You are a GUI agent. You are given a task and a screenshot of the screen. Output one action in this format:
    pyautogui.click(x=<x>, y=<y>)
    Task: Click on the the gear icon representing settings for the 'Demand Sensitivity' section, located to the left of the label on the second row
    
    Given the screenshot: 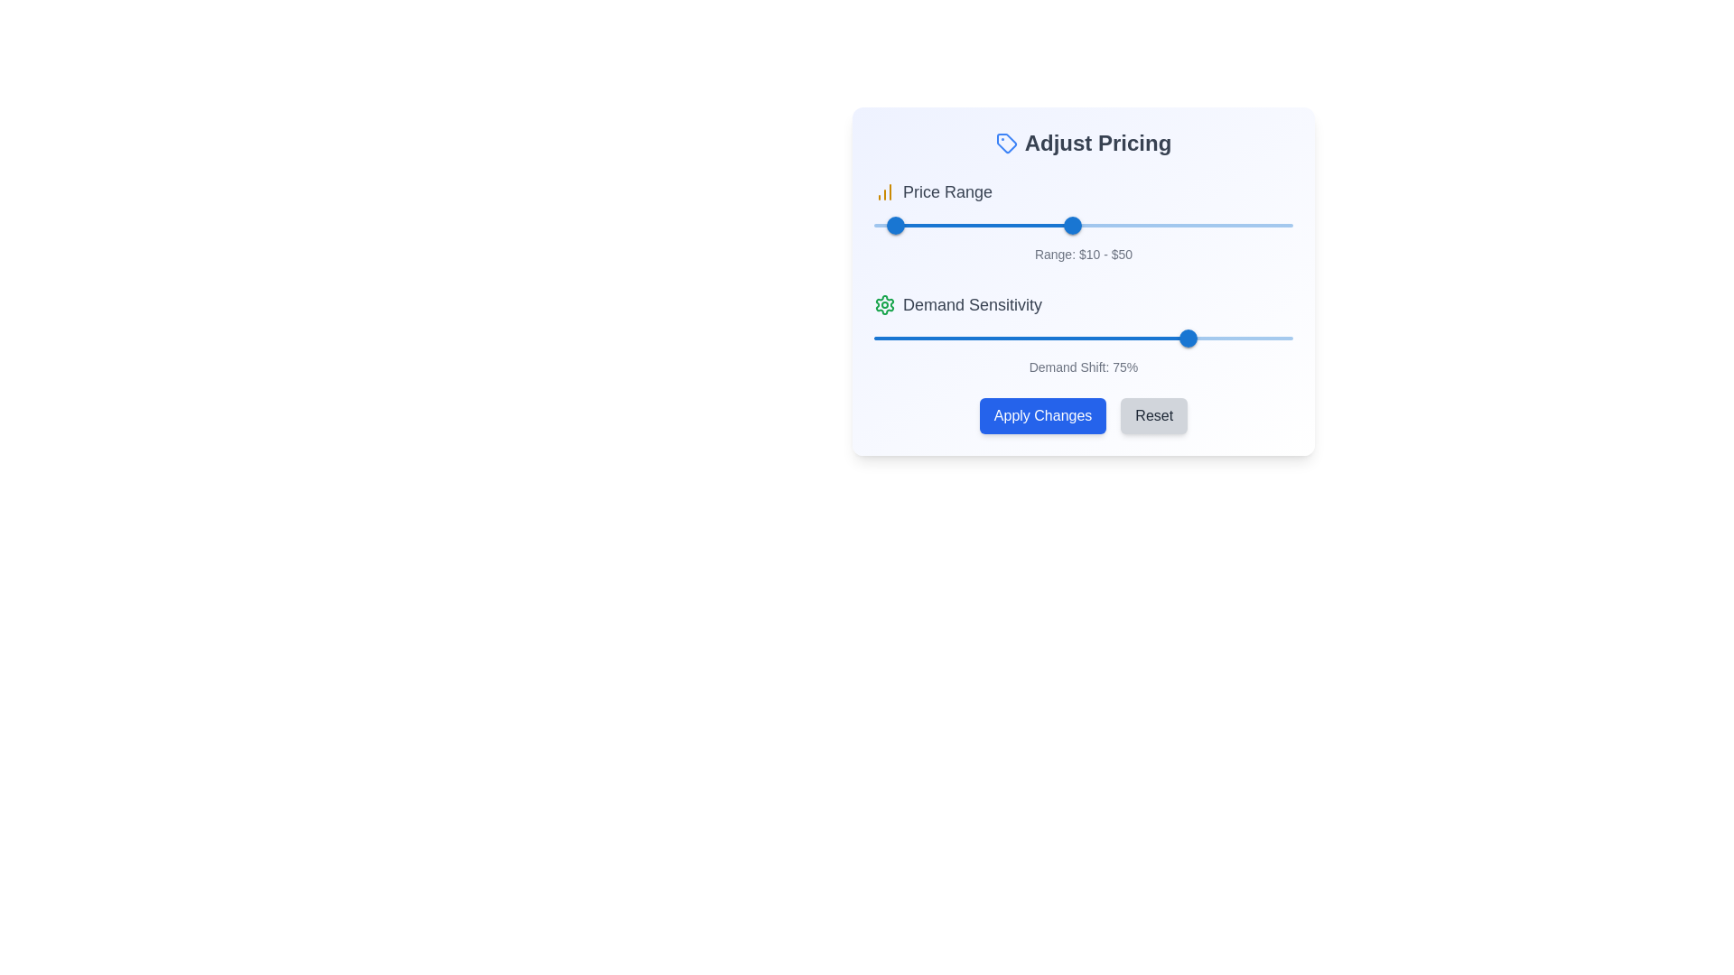 What is the action you would take?
    pyautogui.click(x=884, y=304)
    